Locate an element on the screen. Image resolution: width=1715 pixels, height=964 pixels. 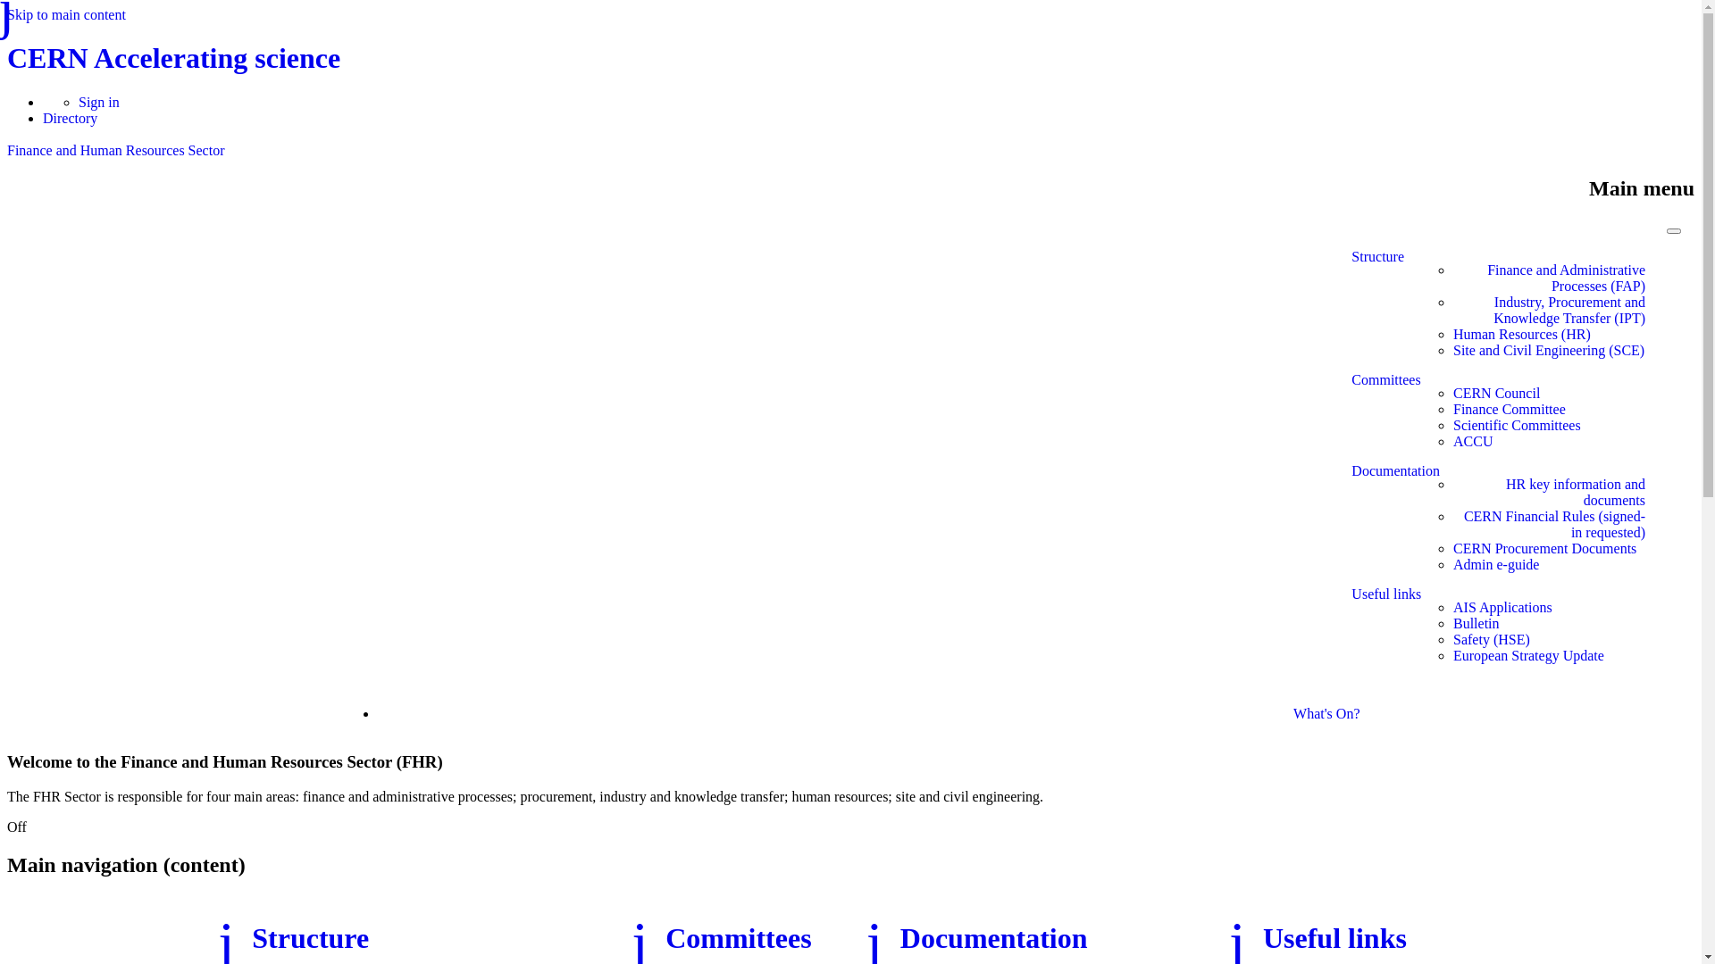
'Structure' is located at coordinates (251, 936).